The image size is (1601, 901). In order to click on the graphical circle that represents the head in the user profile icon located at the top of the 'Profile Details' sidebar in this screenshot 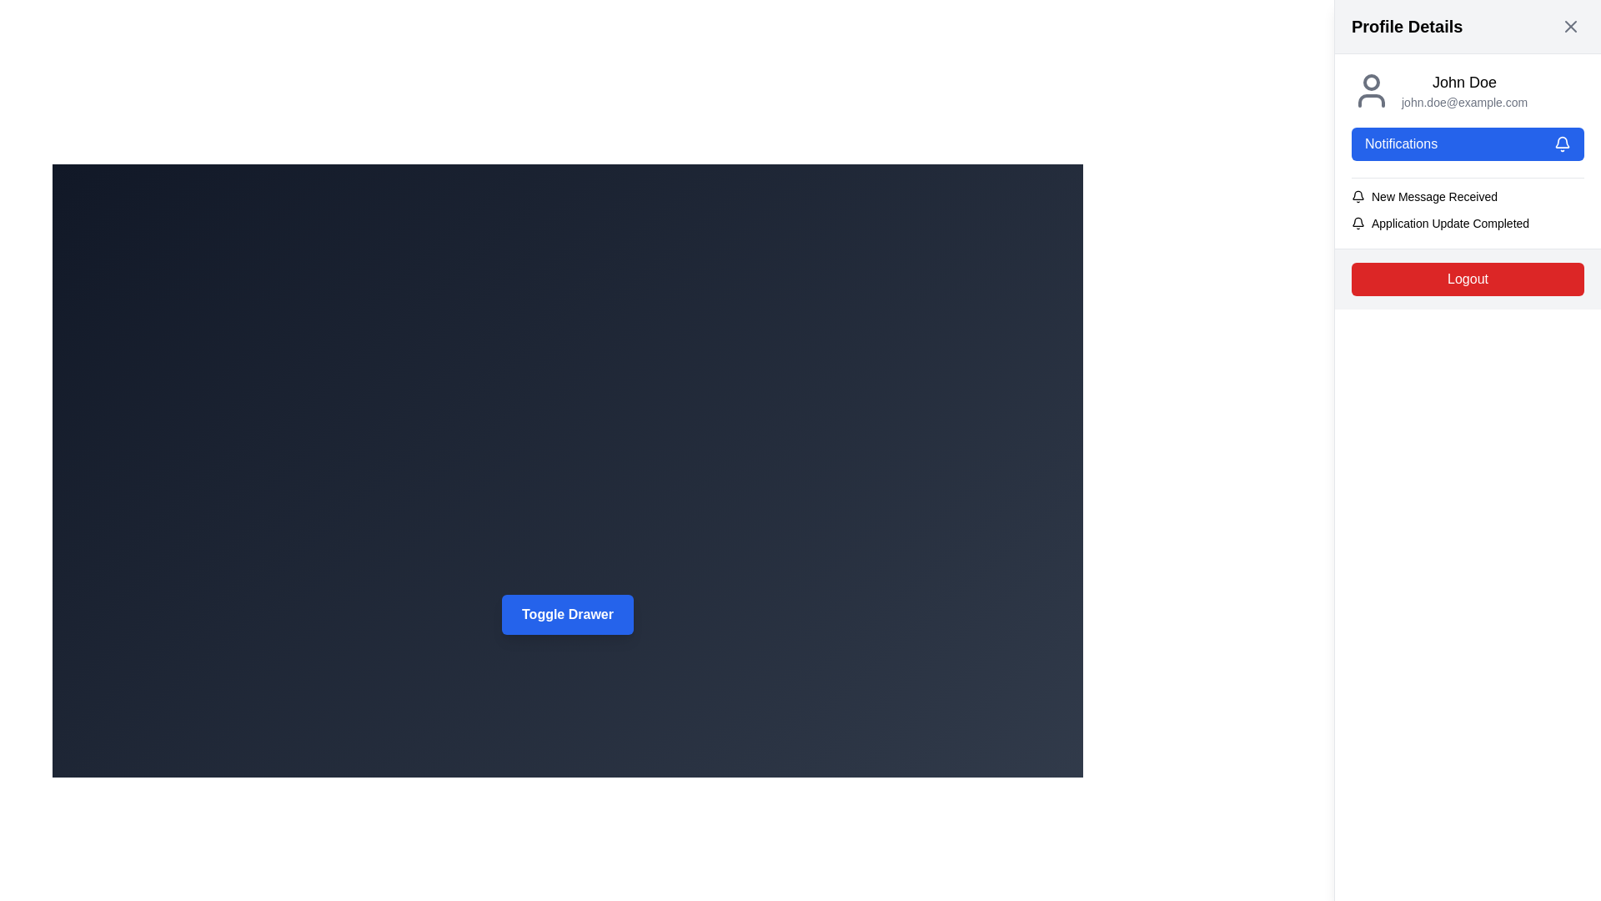, I will do `click(1372, 83)`.